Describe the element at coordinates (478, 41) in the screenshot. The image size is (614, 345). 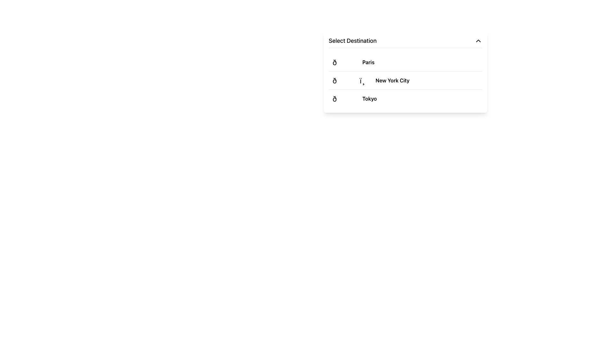
I see `the small, upward-pointing chevron icon located at the far right of the 'Select Destination' row` at that location.